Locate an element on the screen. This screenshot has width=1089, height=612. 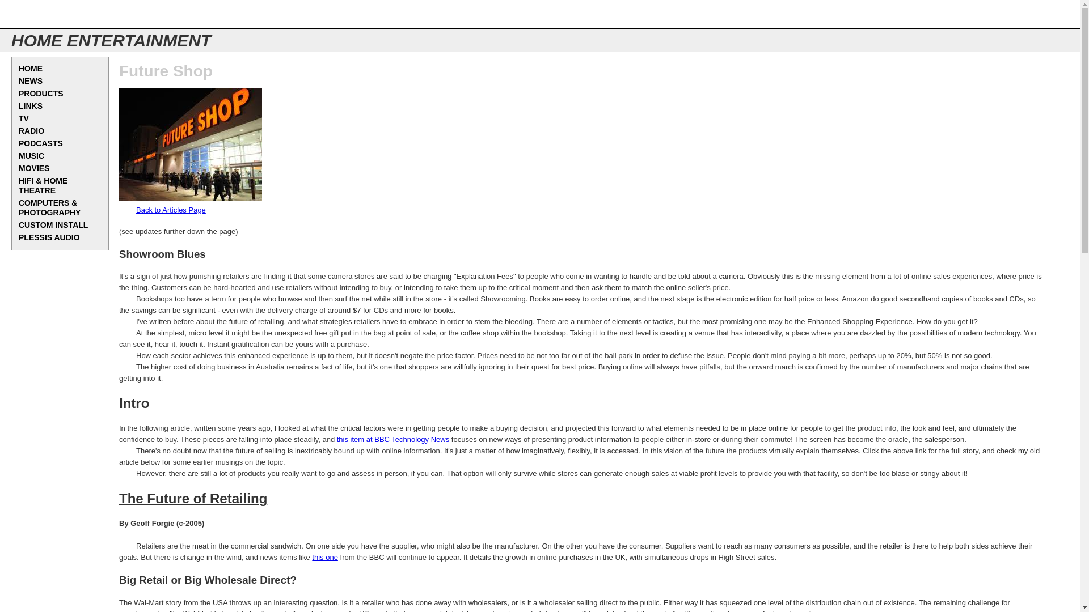
'HOME' is located at coordinates (59, 69).